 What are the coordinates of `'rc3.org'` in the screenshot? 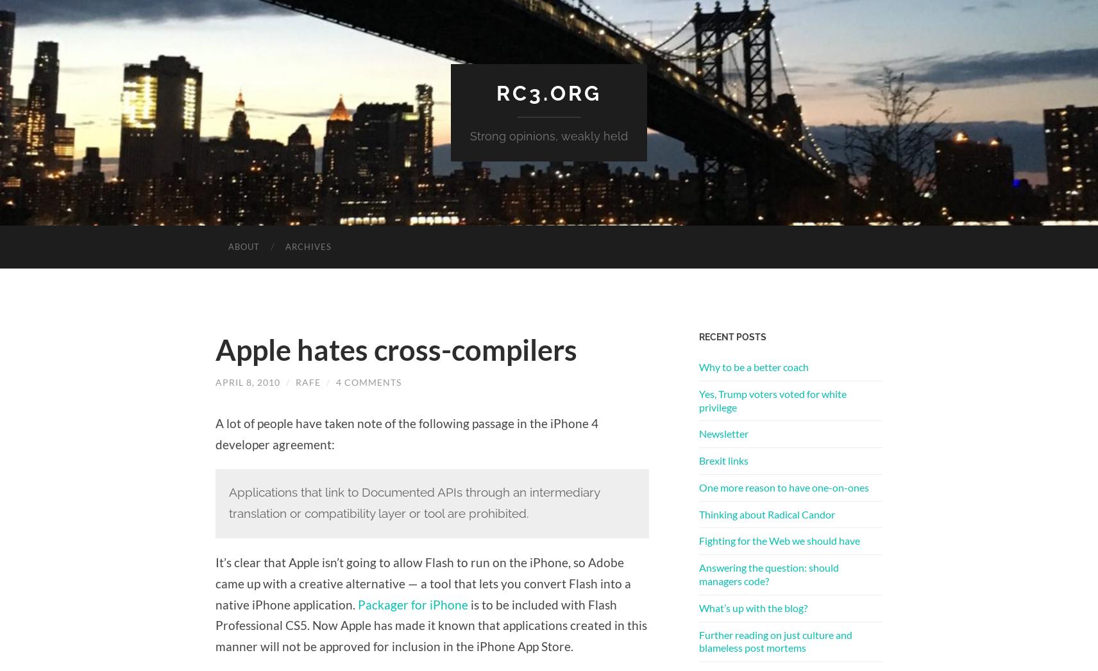 It's located at (549, 93).